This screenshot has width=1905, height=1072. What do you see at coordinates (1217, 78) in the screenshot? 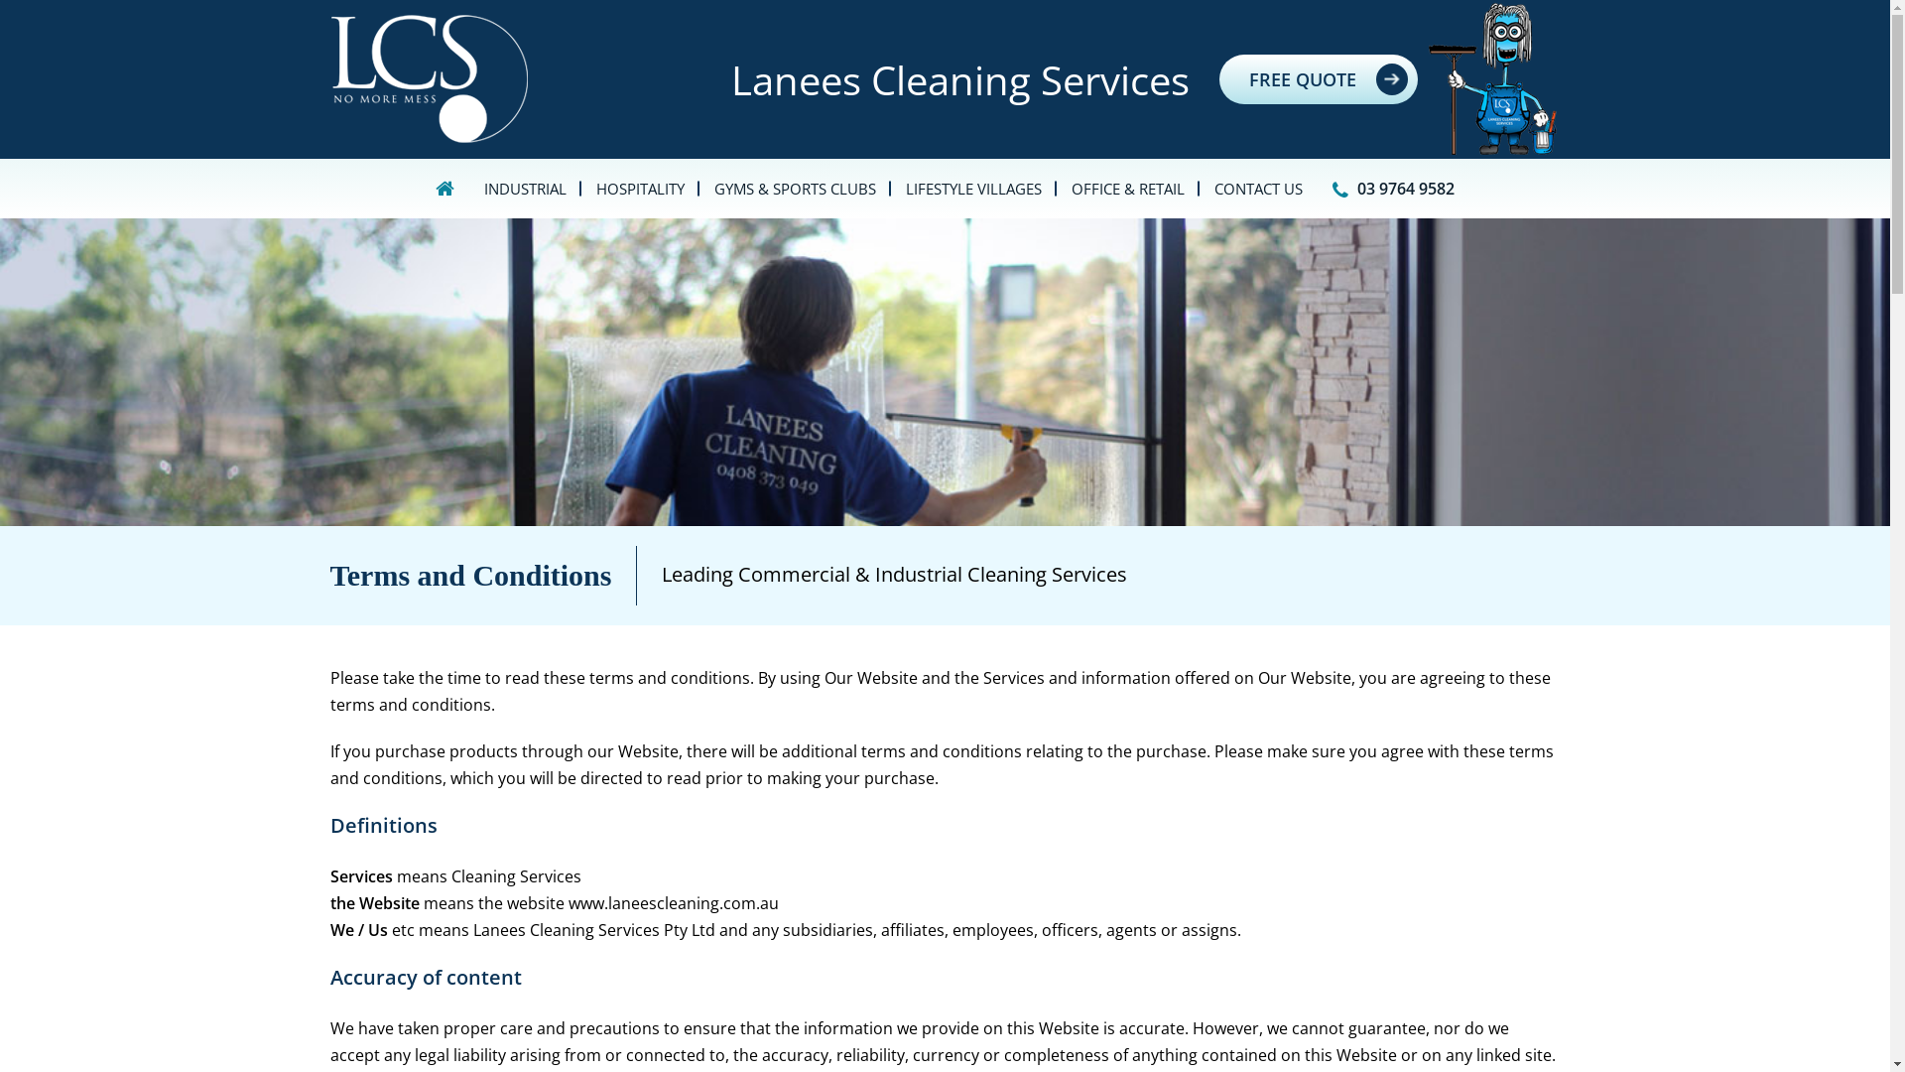
I see `'FREE QUOTE'` at bounding box center [1217, 78].